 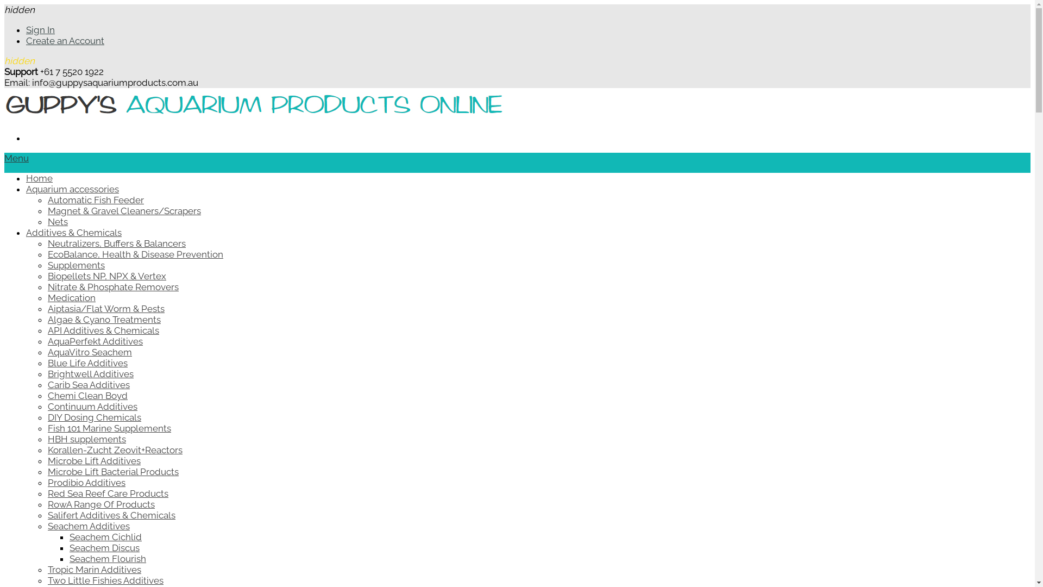 What do you see at coordinates (65, 40) in the screenshot?
I see `'Create an Account'` at bounding box center [65, 40].